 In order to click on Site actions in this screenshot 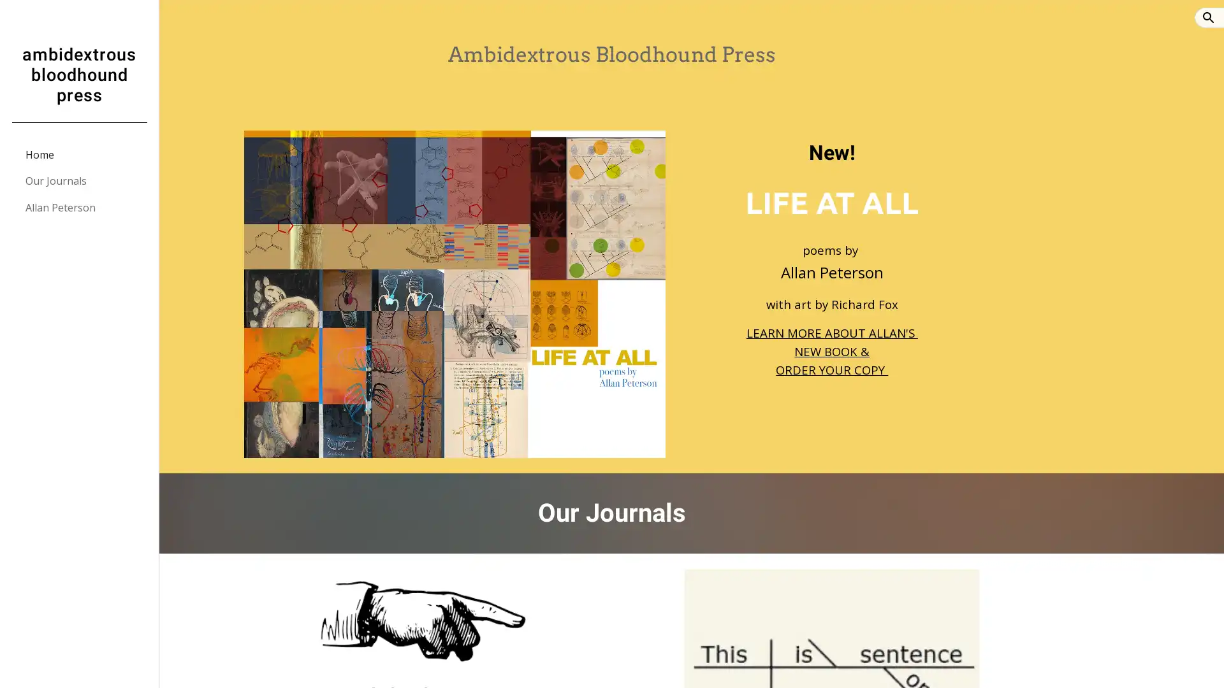, I will do `click(182, 665)`.